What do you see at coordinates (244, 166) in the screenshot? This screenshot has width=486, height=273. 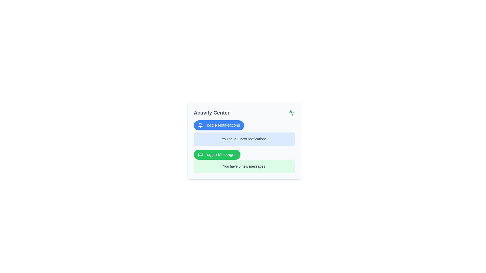 I see `text content of the Notification Box indicating the presence of 5 new messages located within the 'Activity Center', below the 'Toggle Messages' button` at bounding box center [244, 166].